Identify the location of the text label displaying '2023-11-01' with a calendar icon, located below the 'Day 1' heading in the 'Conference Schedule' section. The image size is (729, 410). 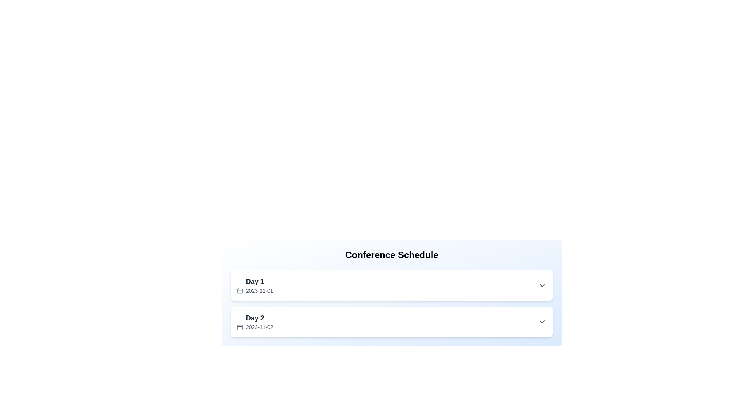
(255, 290).